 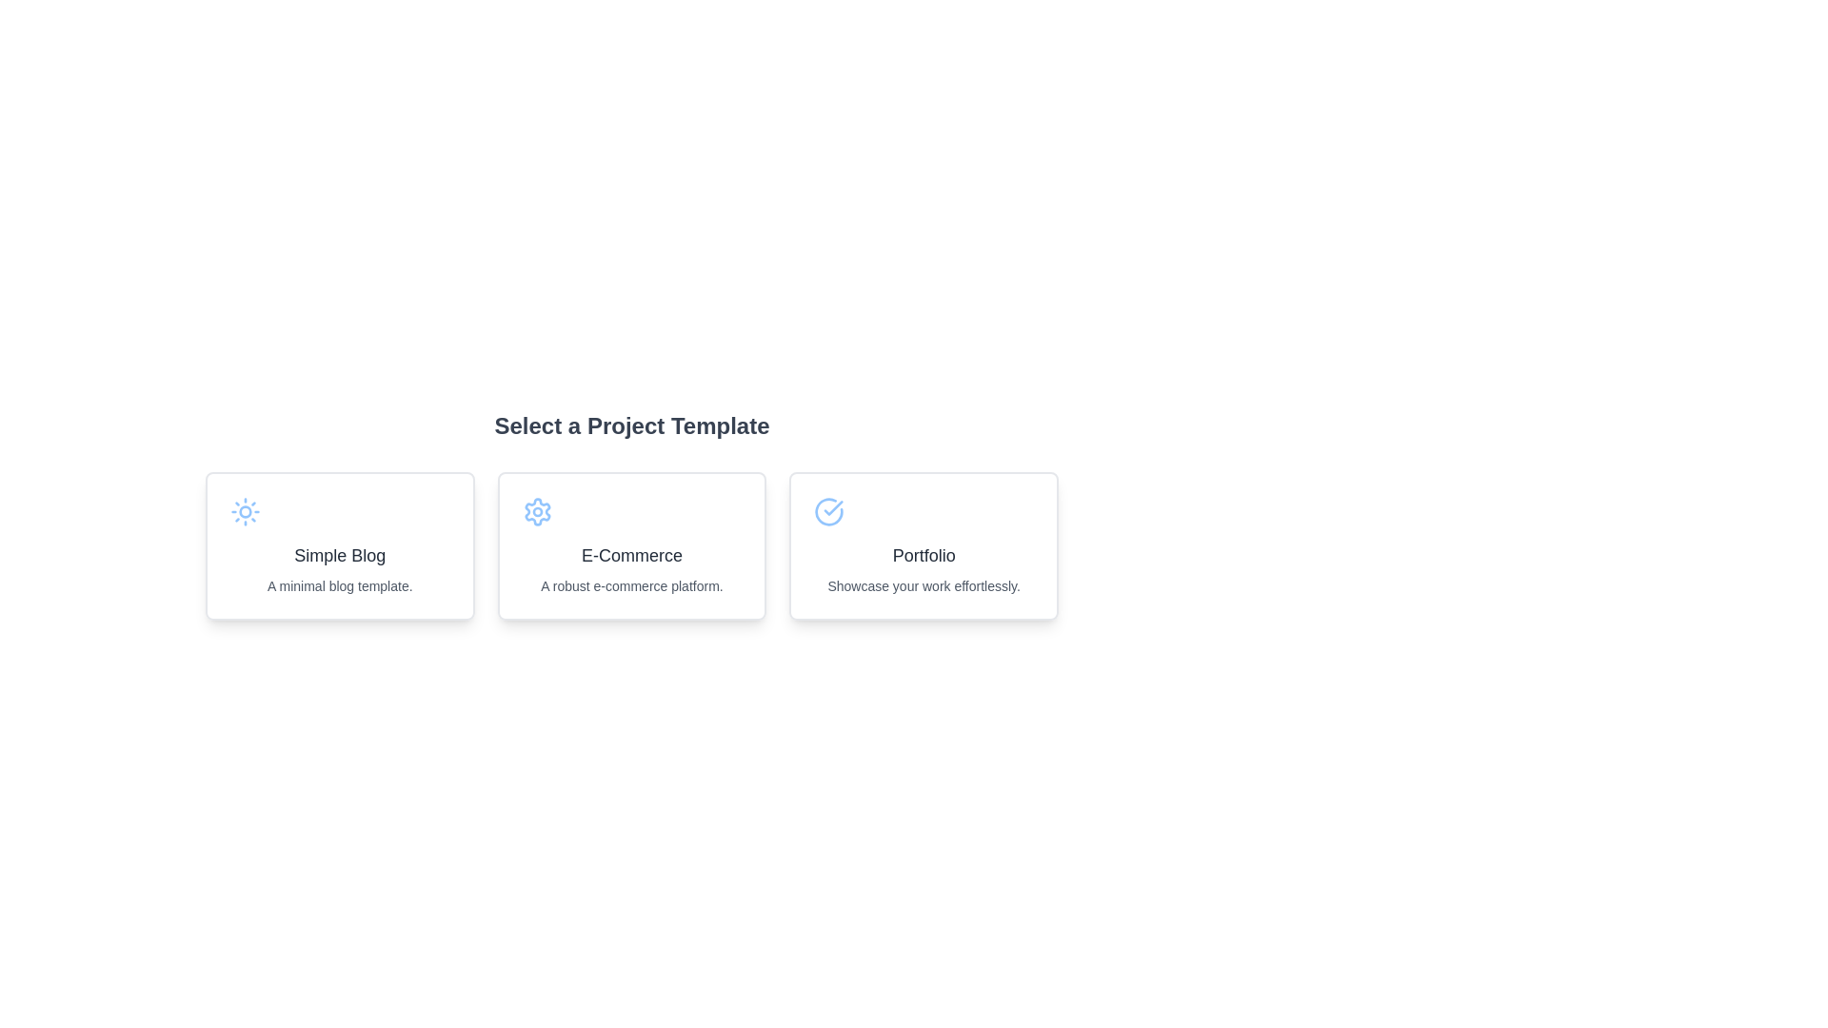 What do you see at coordinates (829, 510) in the screenshot?
I see `SVG graphical element located in the bottom right corner of the 'Portfolio' card, which serves as a visual indicator for selecting or identifying the associated template` at bounding box center [829, 510].